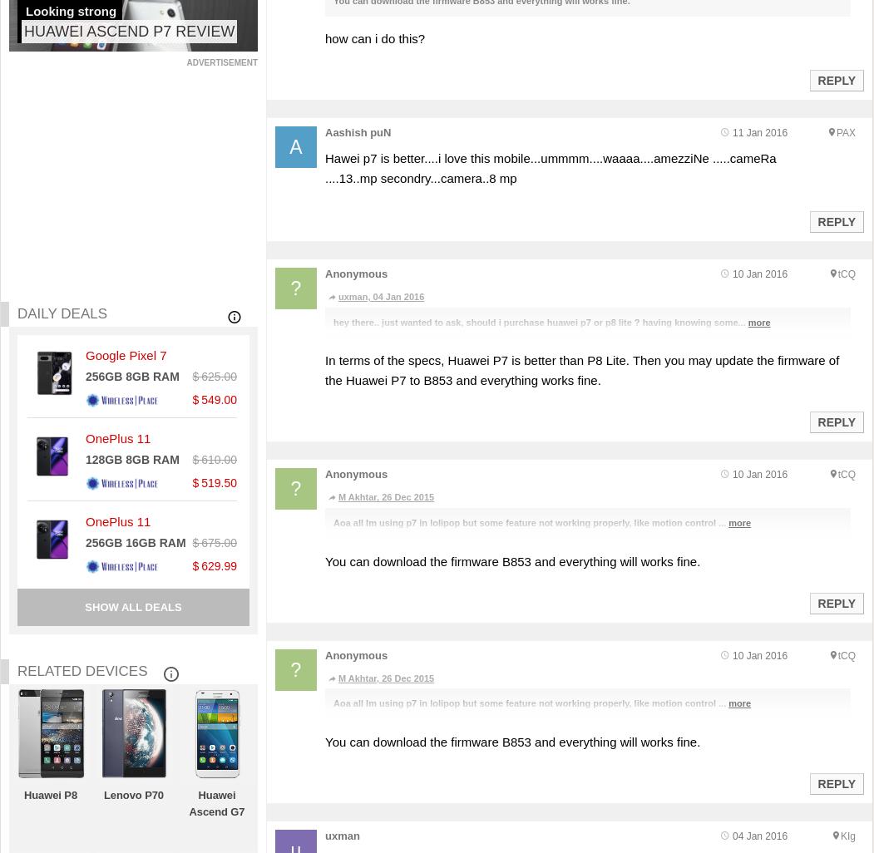 The image size is (874, 853). I want to click on '128GB 8GB RAM', so click(131, 460).